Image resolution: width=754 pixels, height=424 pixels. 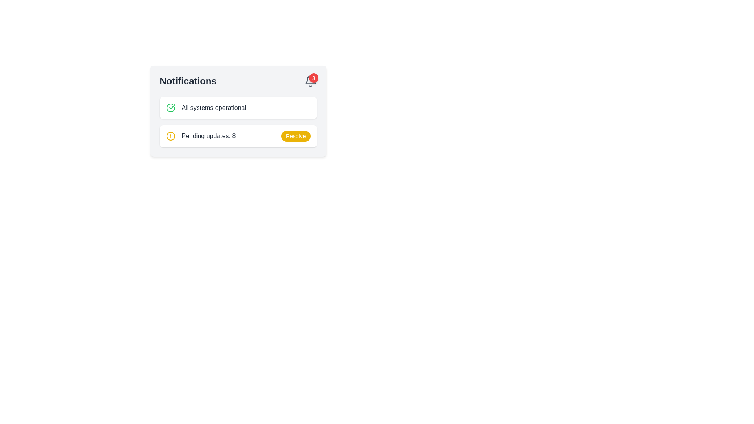 I want to click on the decorative checkmark icon located in the top left corner of the Notifications section, which visually represents a successful status for the 'All systems operational' message, so click(x=171, y=107).